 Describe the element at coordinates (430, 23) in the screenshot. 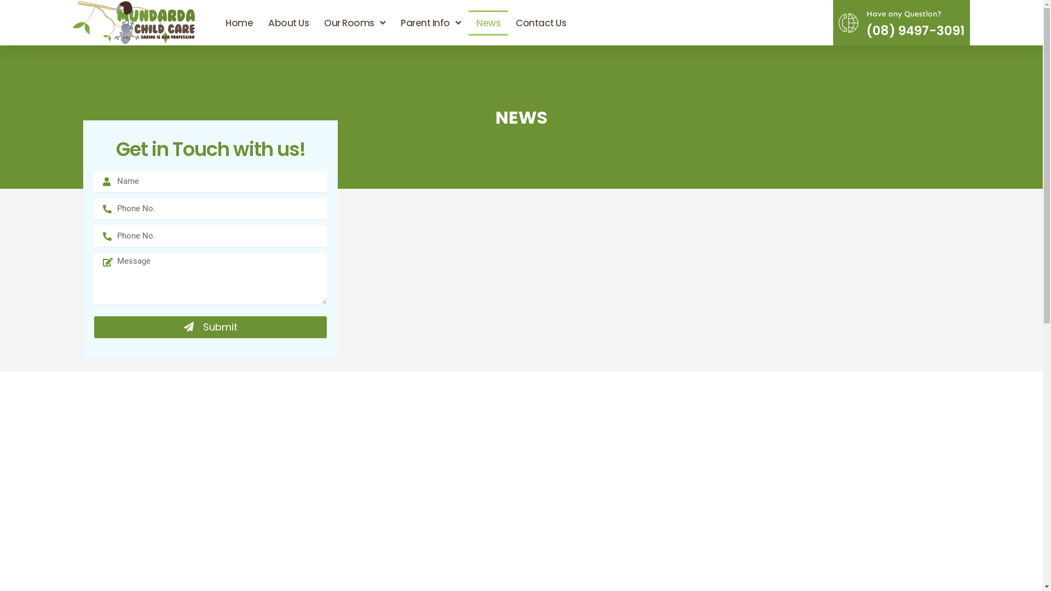

I see `'Parent Info'` at that location.